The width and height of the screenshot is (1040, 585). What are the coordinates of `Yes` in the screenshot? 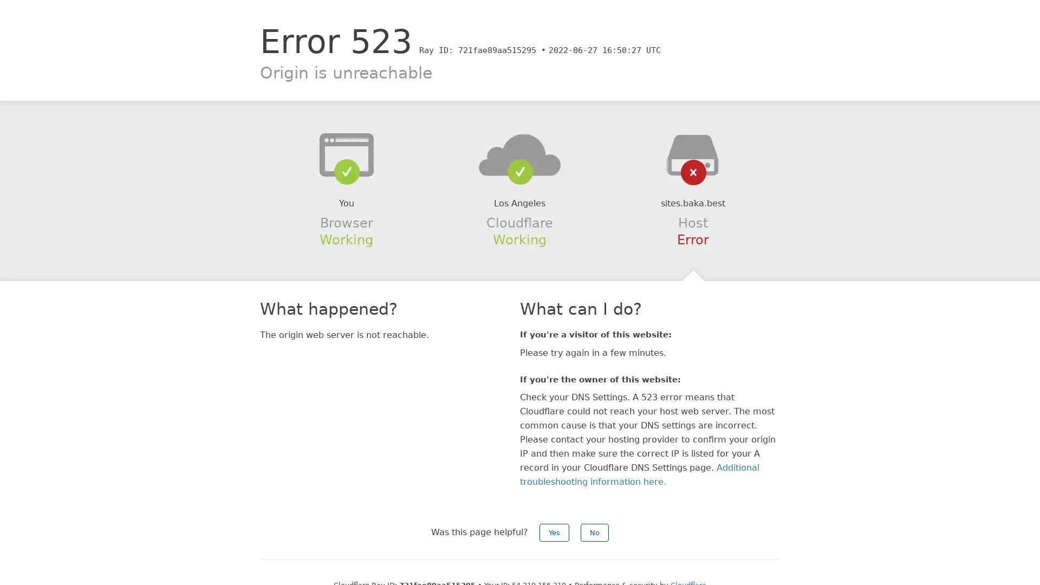 It's located at (554, 532).